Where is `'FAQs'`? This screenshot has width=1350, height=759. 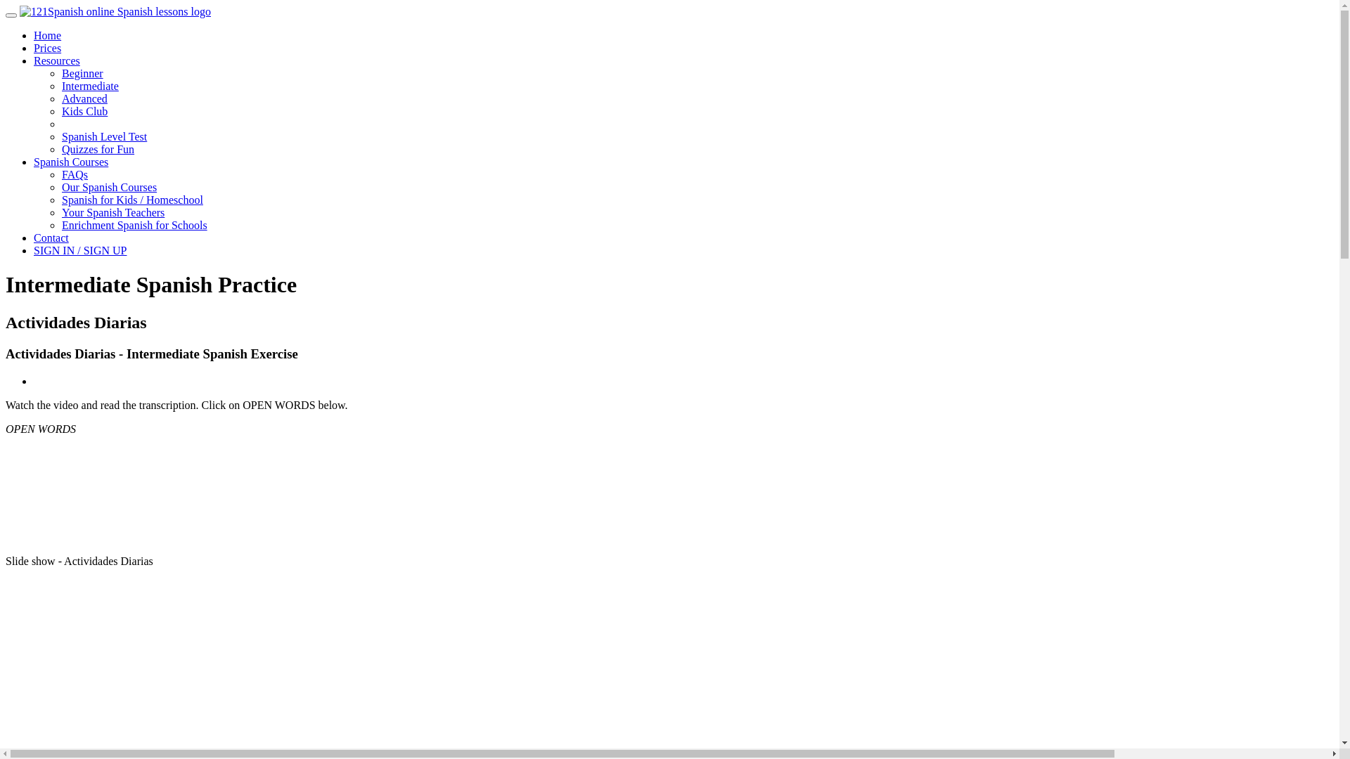
'FAQs' is located at coordinates (74, 174).